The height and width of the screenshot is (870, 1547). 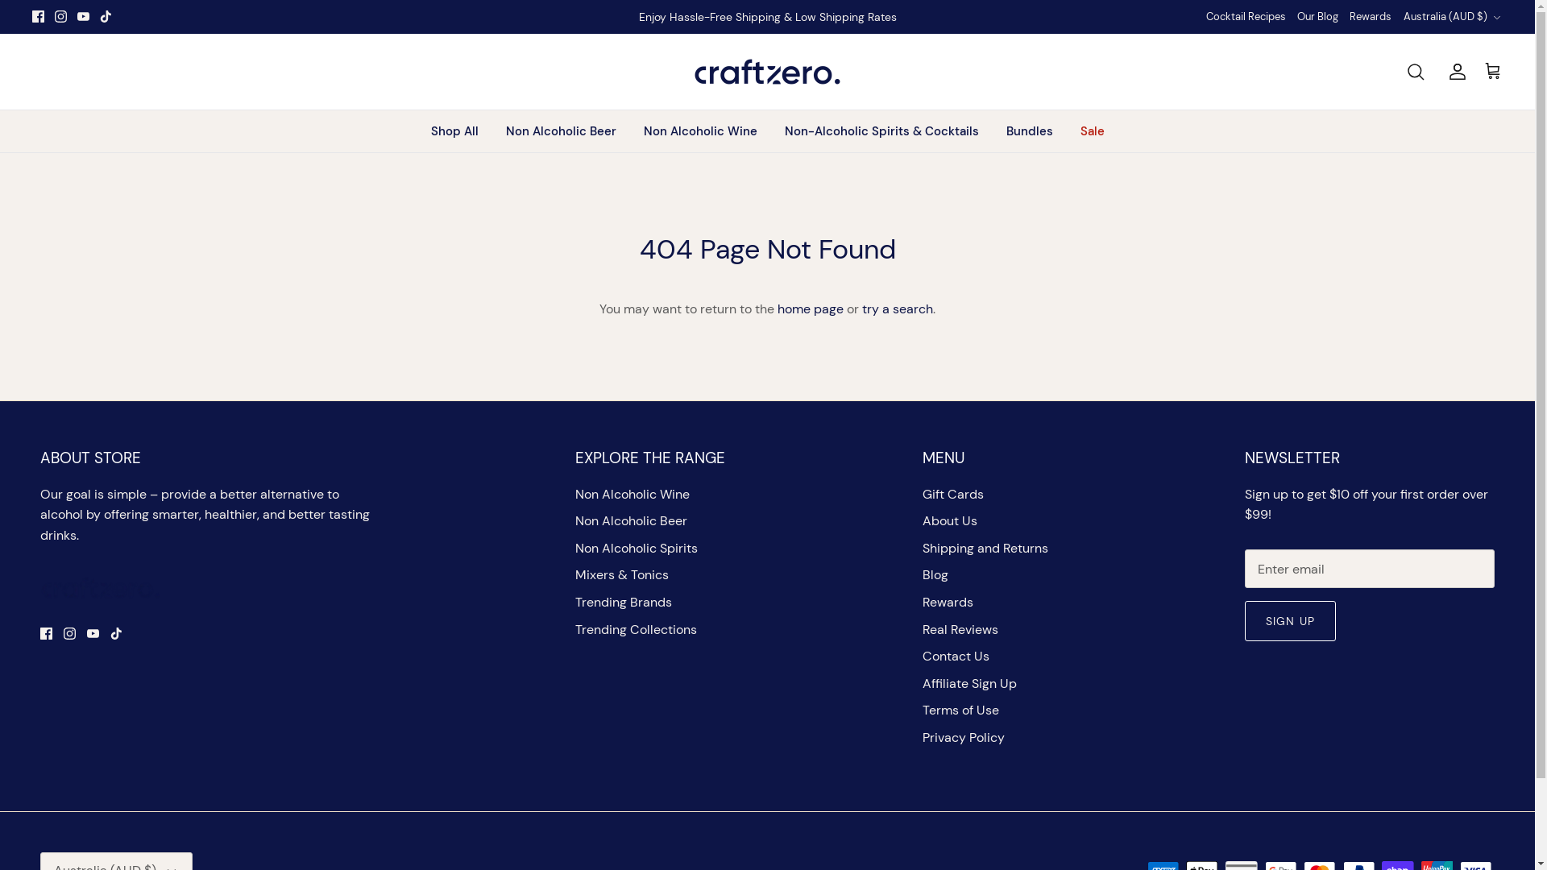 I want to click on 'Facebook', so click(x=46, y=632).